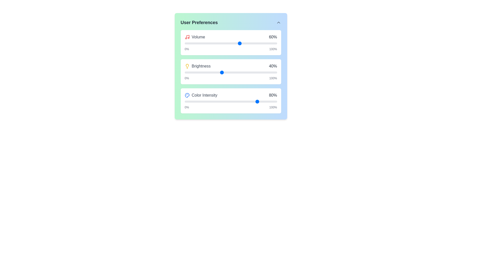 The height and width of the screenshot is (271, 482). I want to click on the Color Intensity, so click(192, 102).